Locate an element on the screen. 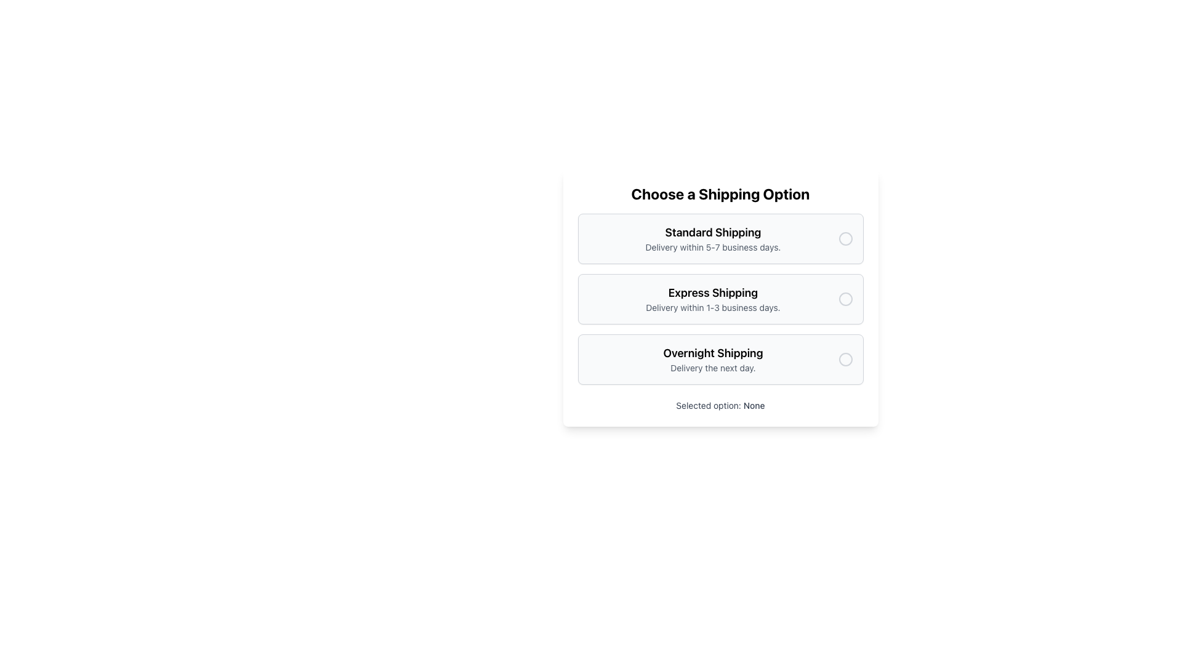 Image resolution: width=1182 pixels, height=665 pixels. the 'Overnight Shipping' button, which has a soft gray background and contains the text 'Overnight Shipping' in bold and 'Delivery the next day.' in lighter font is located at coordinates (720, 359).